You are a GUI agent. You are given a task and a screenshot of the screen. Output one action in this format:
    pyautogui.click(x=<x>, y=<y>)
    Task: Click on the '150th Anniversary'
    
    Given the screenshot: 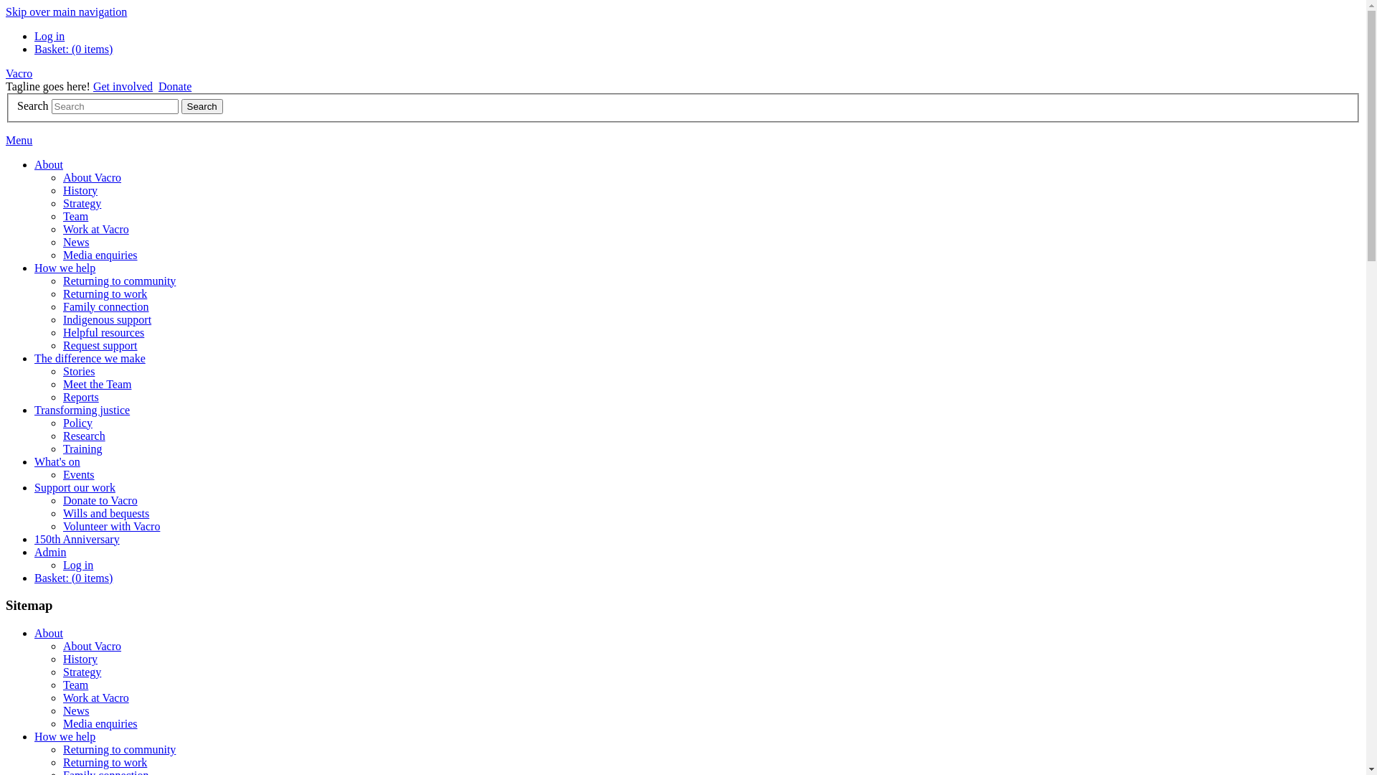 What is the action you would take?
    pyautogui.click(x=76, y=539)
    